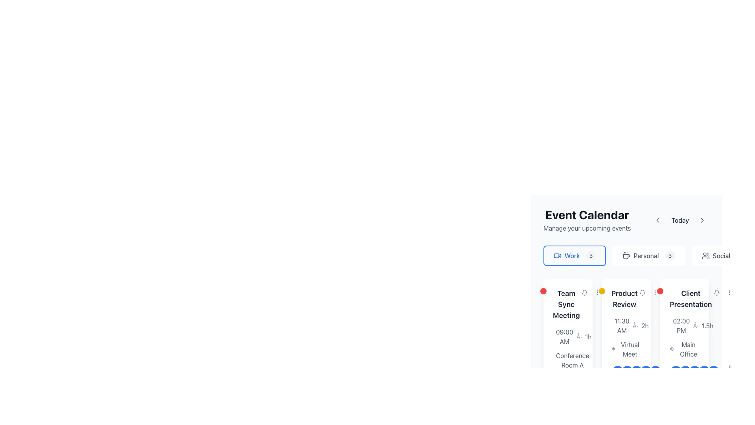 The width and height of the screenshot is (755, 425). I want to click on the static label displaying 'Today', which is centrally positioned between two arrow icons in the Event Calendar header, so click(679, 220).